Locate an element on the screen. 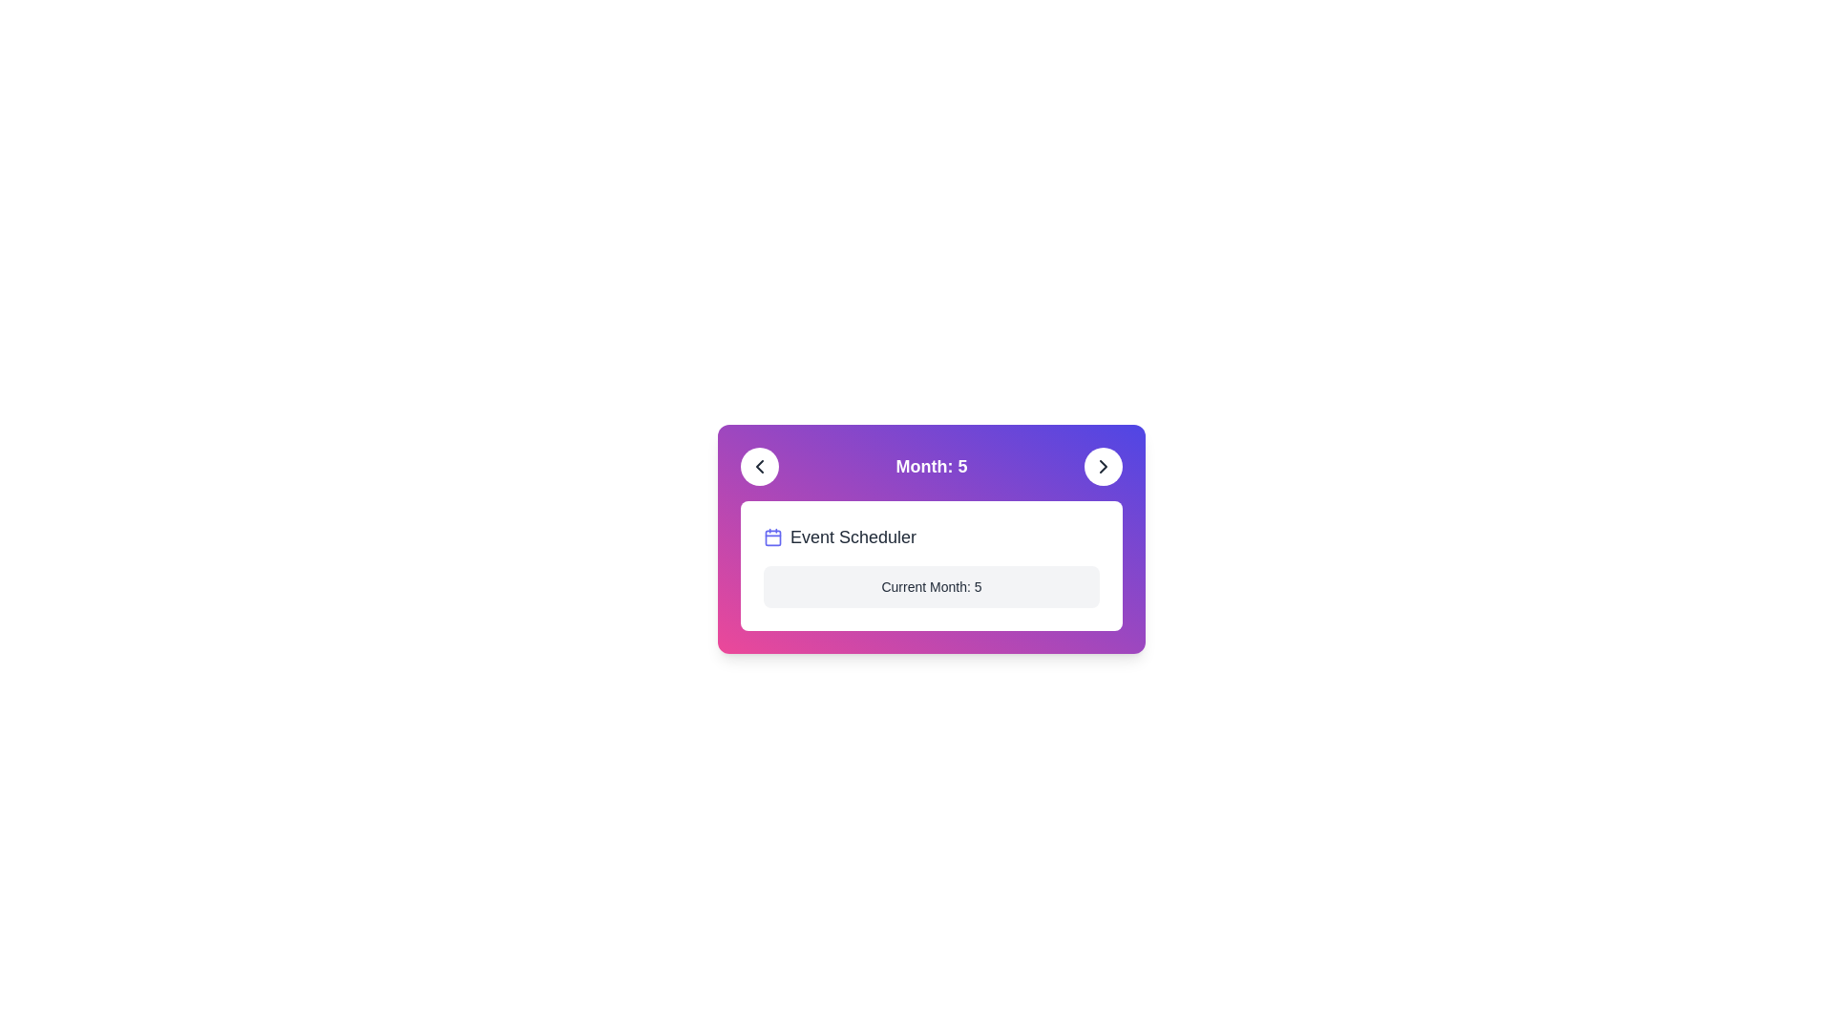 Image resolution: width=1833 pixels, height=1031 pixels. the text label indicating the currently selected month in the top header section of the calendar interface is located at coordinates (931, 467).